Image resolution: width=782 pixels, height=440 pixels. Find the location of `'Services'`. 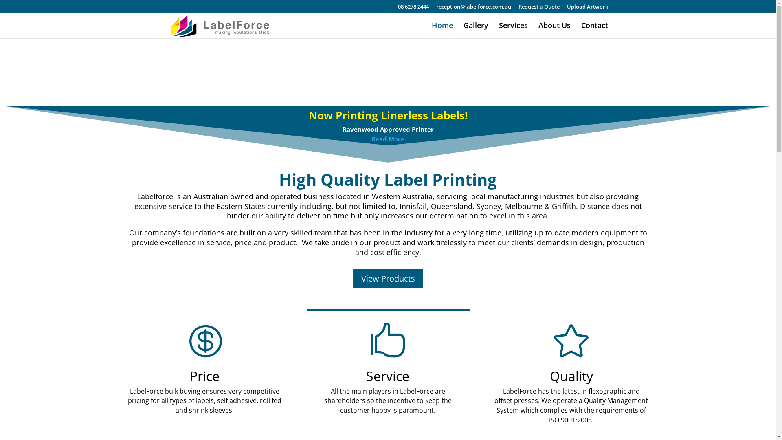

'Services' is located at coordinates (498, 30).